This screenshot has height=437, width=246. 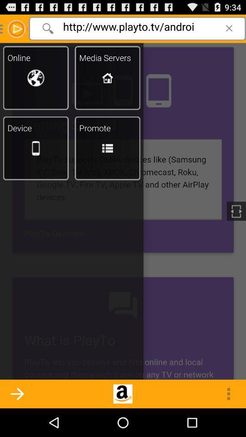 What do you see at coordinates (123, 393) in the screenshot?
I see `the logo shown at the bottom center of the page` at bounding box center [123, 393].